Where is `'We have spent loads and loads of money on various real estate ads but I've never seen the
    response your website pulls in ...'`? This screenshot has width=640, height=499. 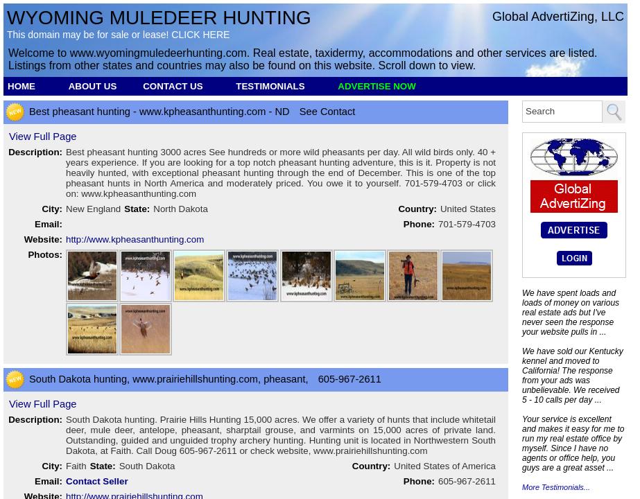 'We have spent loads and loads of money on various real estate ads but I've never seen the
    response your website pulls in ...' is located at coordinates (521, 313).